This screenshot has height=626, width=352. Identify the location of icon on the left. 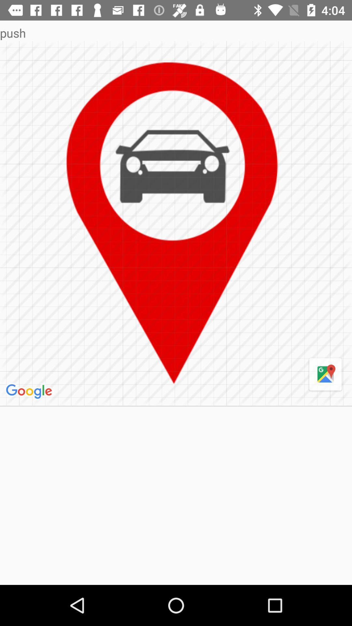
(30, 391).